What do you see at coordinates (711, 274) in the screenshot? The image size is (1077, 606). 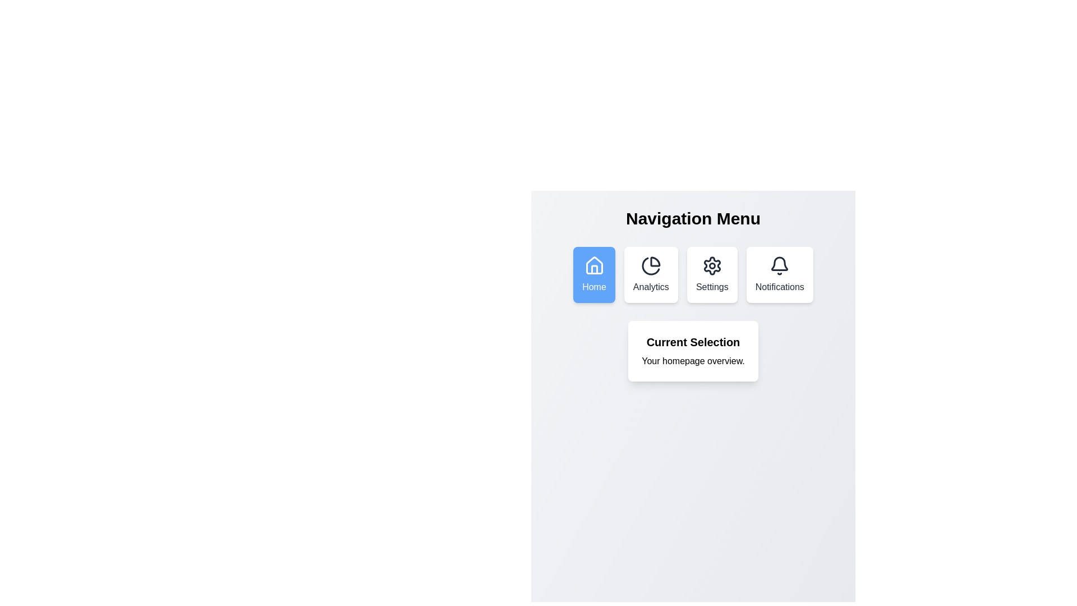 I see `the menu item labeled Settings to observe its hover effect` at bounding box center [711, 274].